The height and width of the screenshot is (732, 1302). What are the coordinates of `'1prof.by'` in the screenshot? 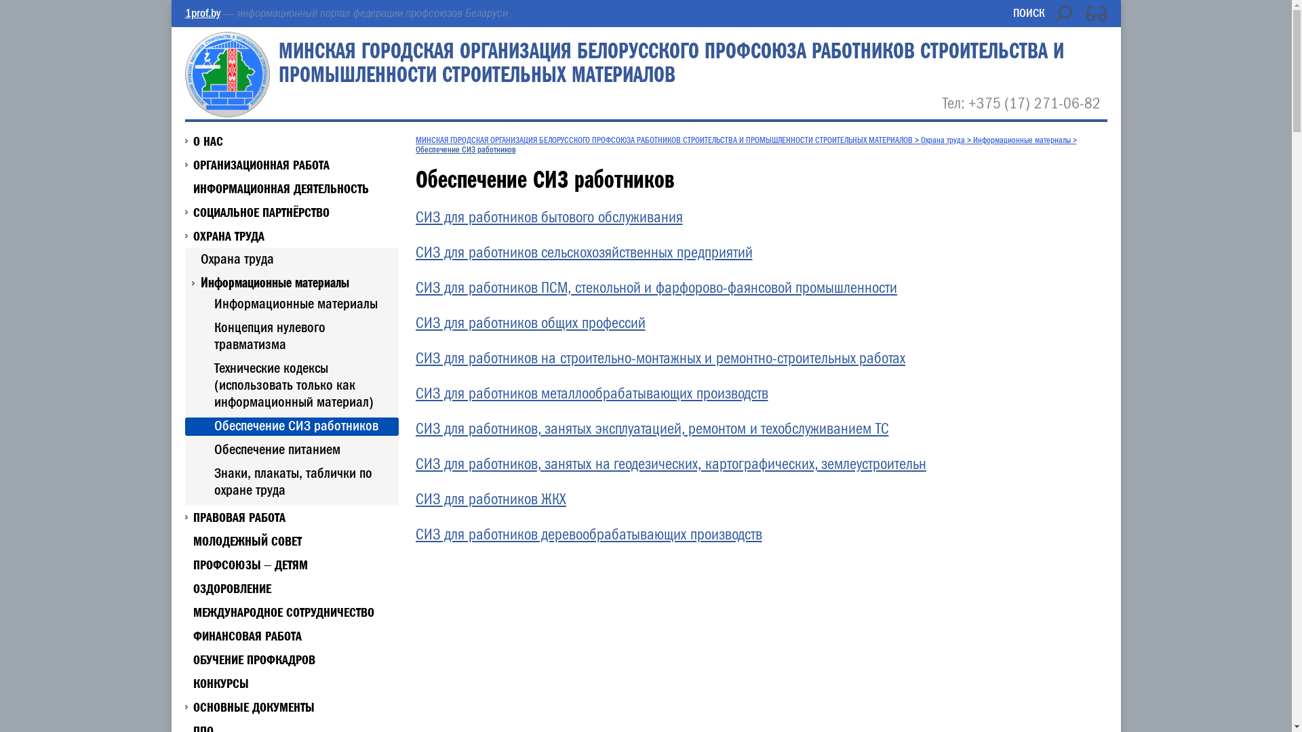 It's located at (201, 13).